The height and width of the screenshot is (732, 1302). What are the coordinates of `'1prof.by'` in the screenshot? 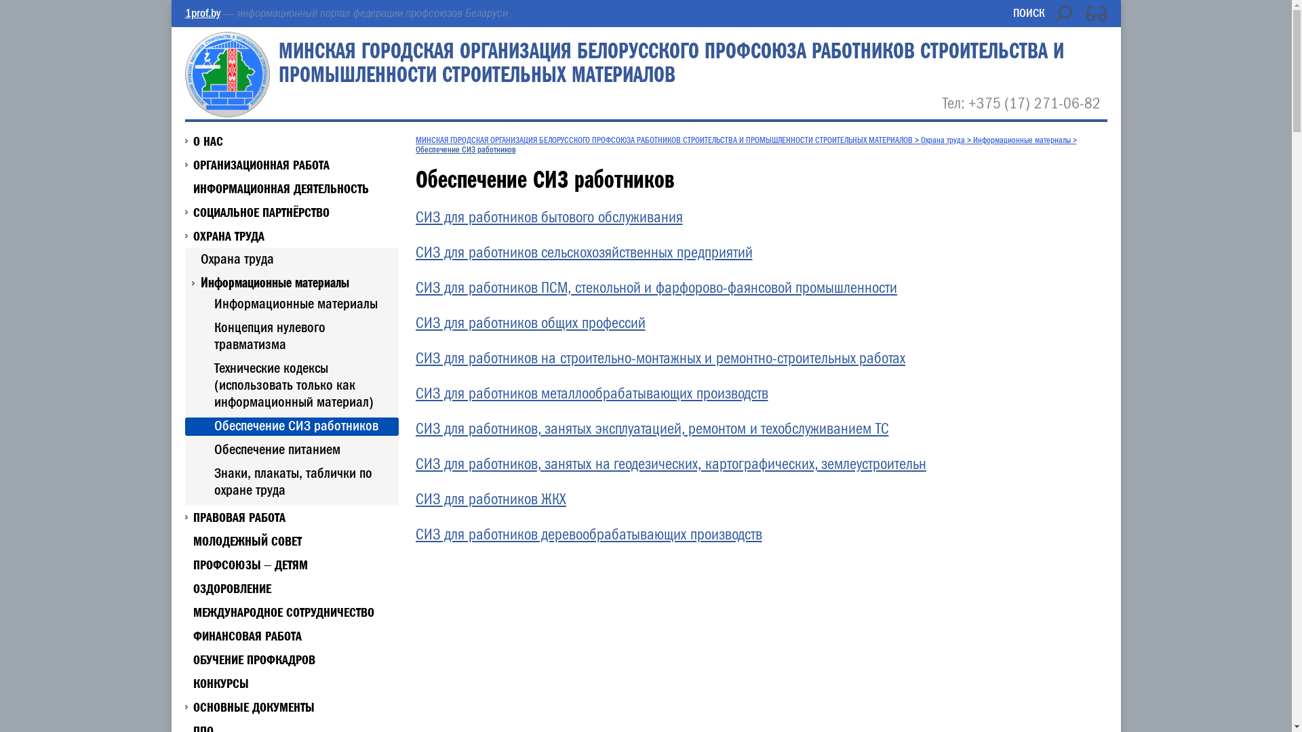 It's located at (201, 13).